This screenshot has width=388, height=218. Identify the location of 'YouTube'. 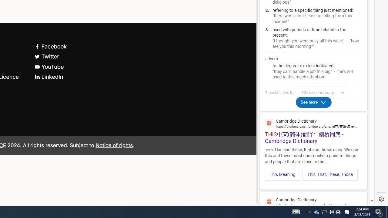
(49, 66).